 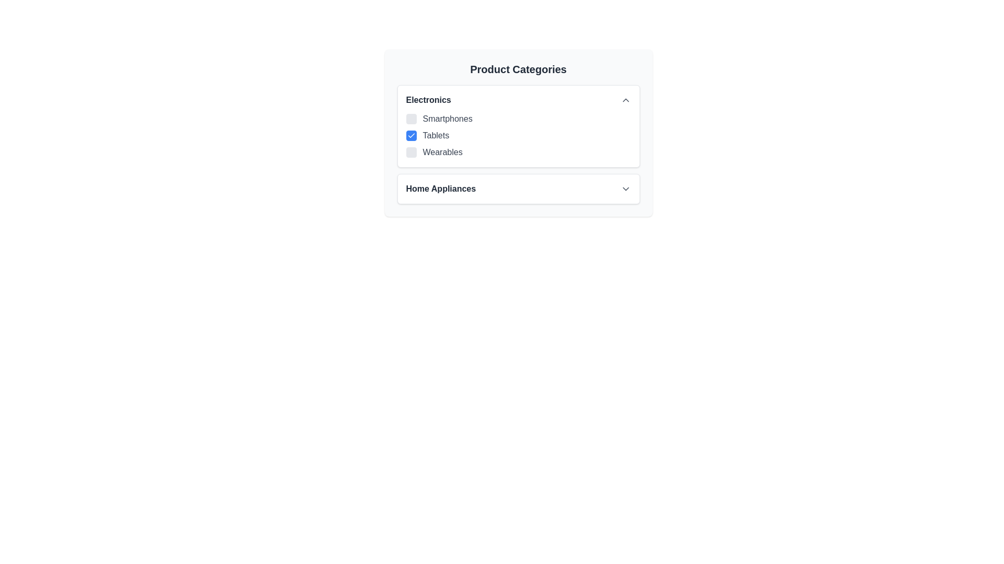 What do you see at coordinates (518, 152) in the screenshot?
I see `the checkbox for the 'Wearables' category option located under the 'Electronics' section, which is the third option in the vertical list` at bounding box center [518, 152].